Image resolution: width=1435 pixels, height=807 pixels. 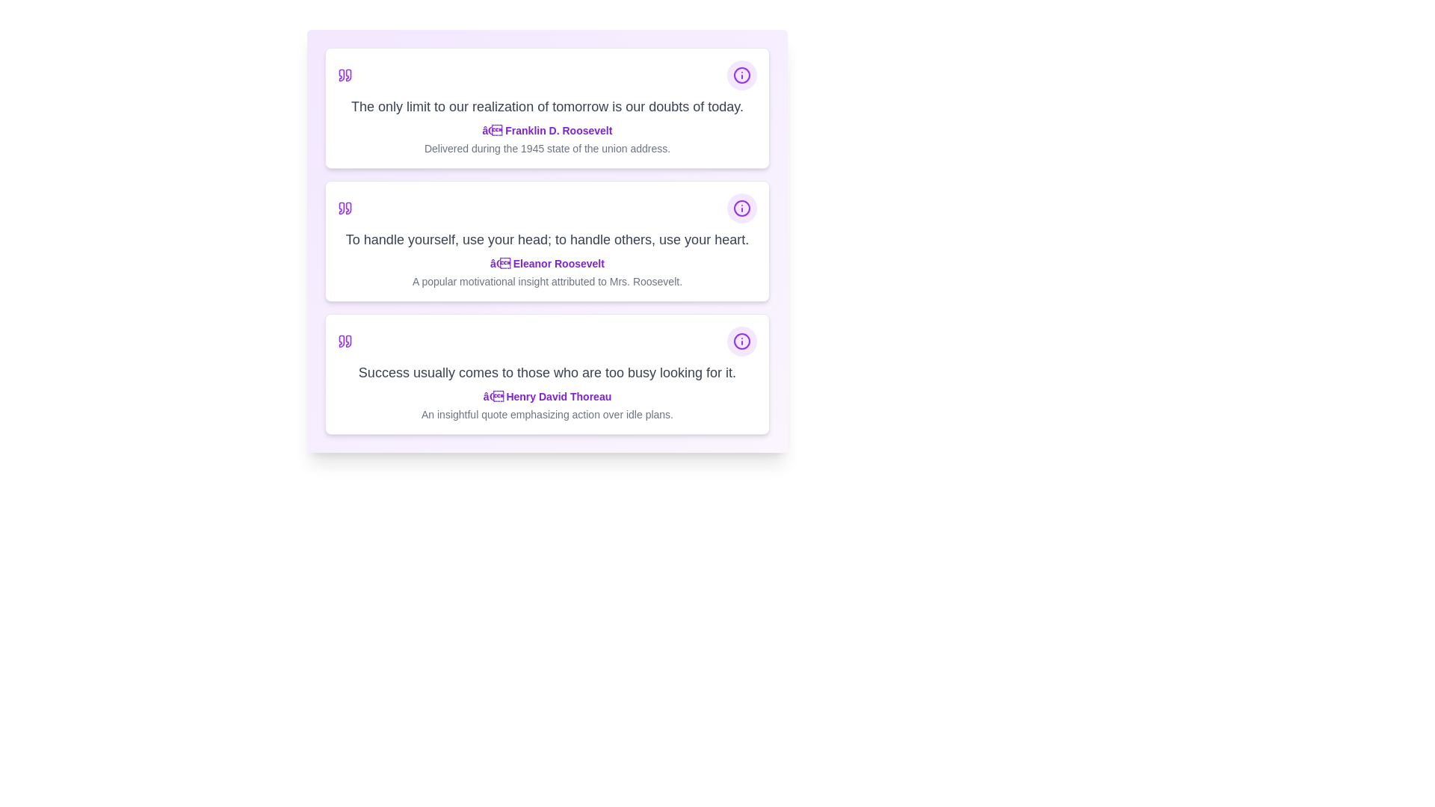 What do you see at coordinates (546, 396) in the screenshot?
I see `the text label displaying '— Henry David Thoreau', which is located` at bounding box center [546, 396].